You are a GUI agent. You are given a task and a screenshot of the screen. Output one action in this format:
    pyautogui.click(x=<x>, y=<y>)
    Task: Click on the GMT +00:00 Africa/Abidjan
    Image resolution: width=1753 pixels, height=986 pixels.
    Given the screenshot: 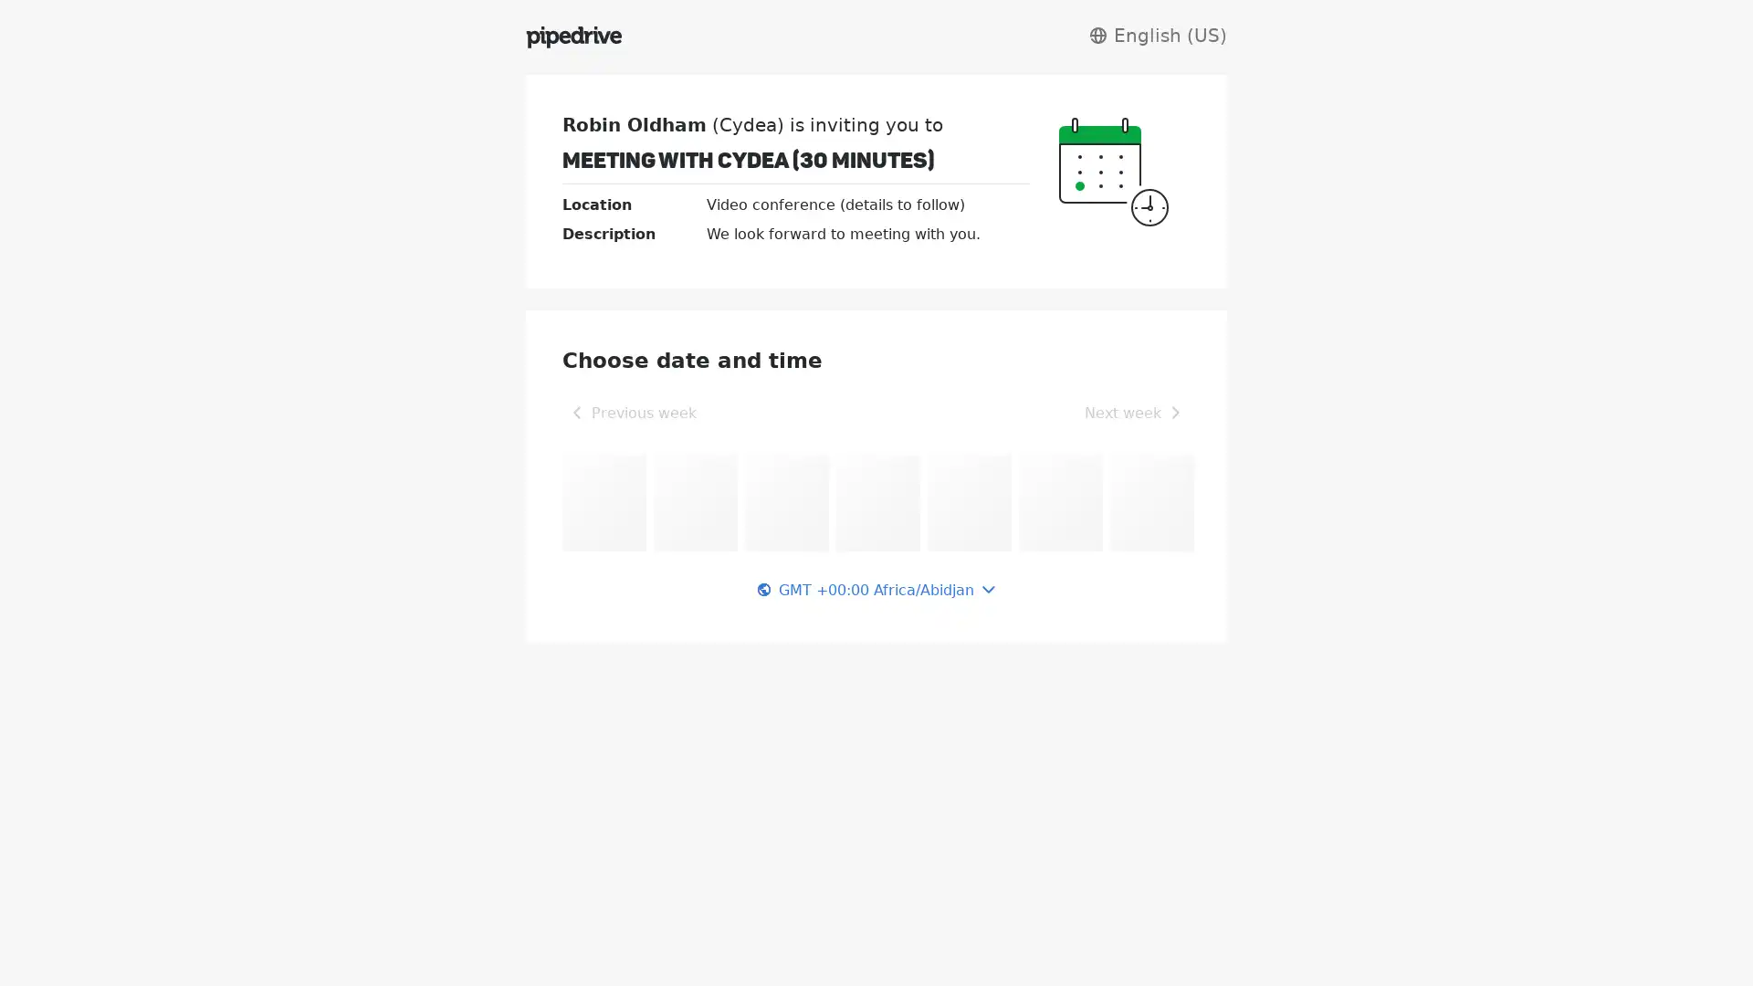 What is the action you would take?
    pyautogui.click(x=876, y=588)
    